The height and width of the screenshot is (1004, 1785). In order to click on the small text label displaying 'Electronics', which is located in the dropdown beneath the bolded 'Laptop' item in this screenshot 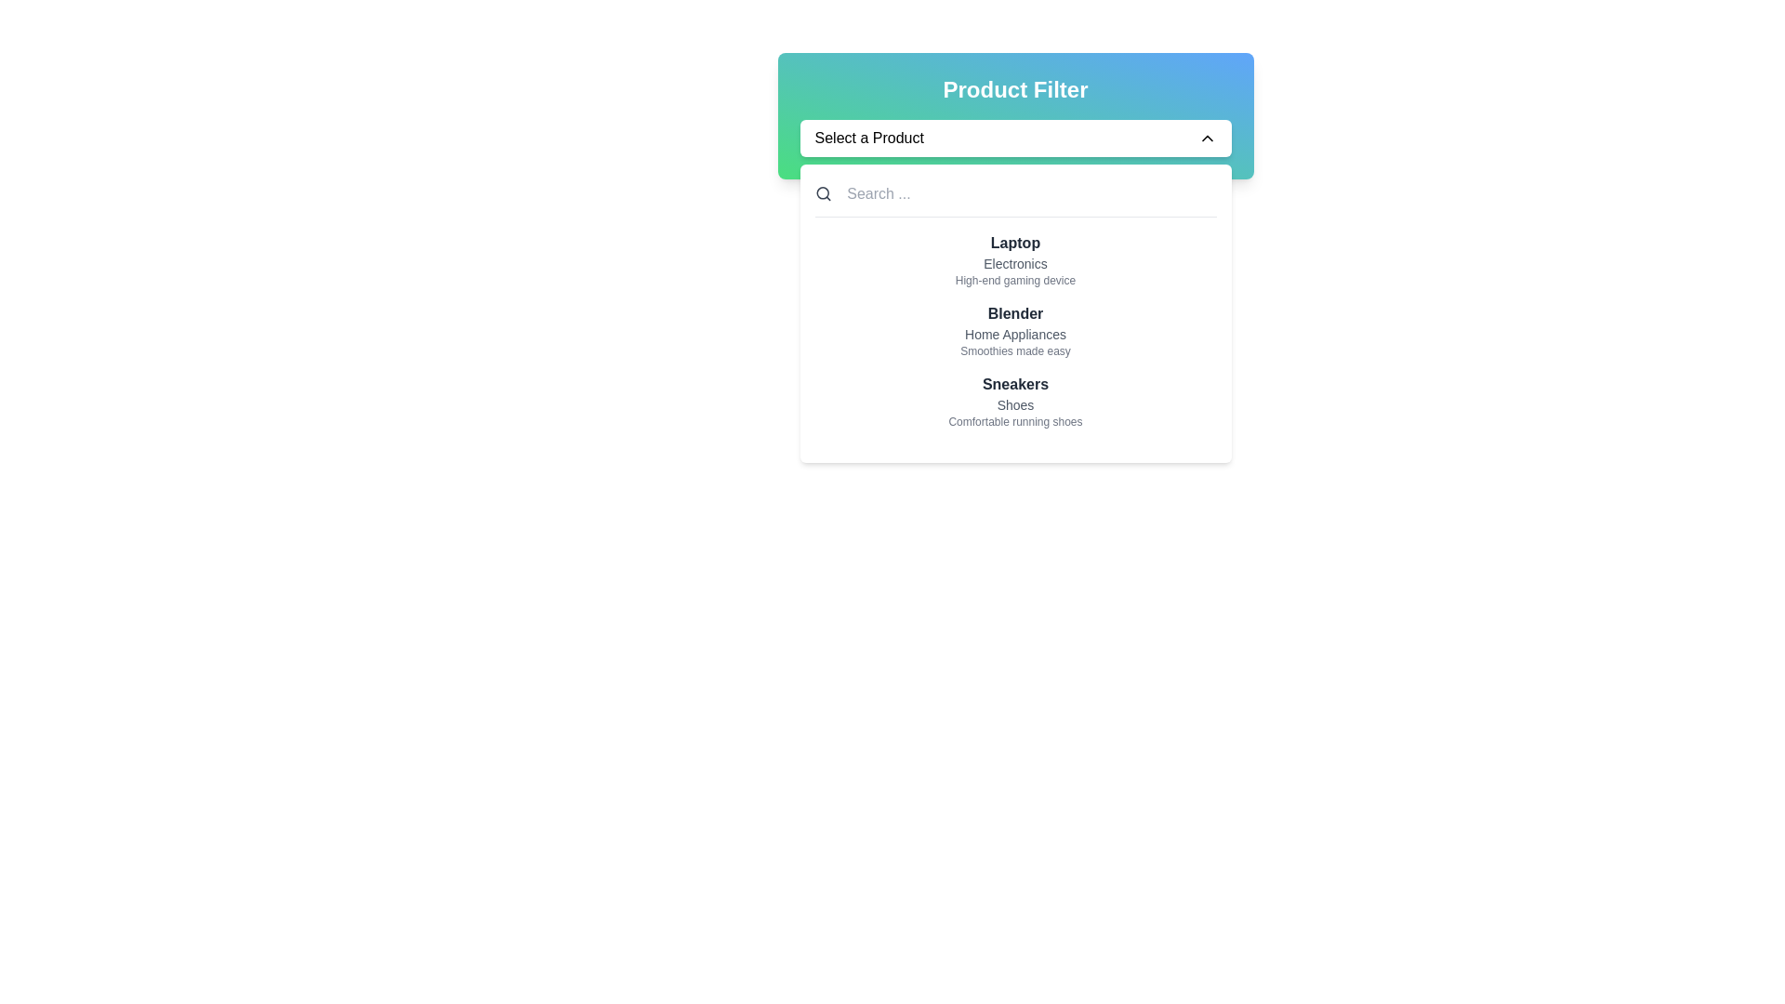, I will do `click(1014, 264)`.